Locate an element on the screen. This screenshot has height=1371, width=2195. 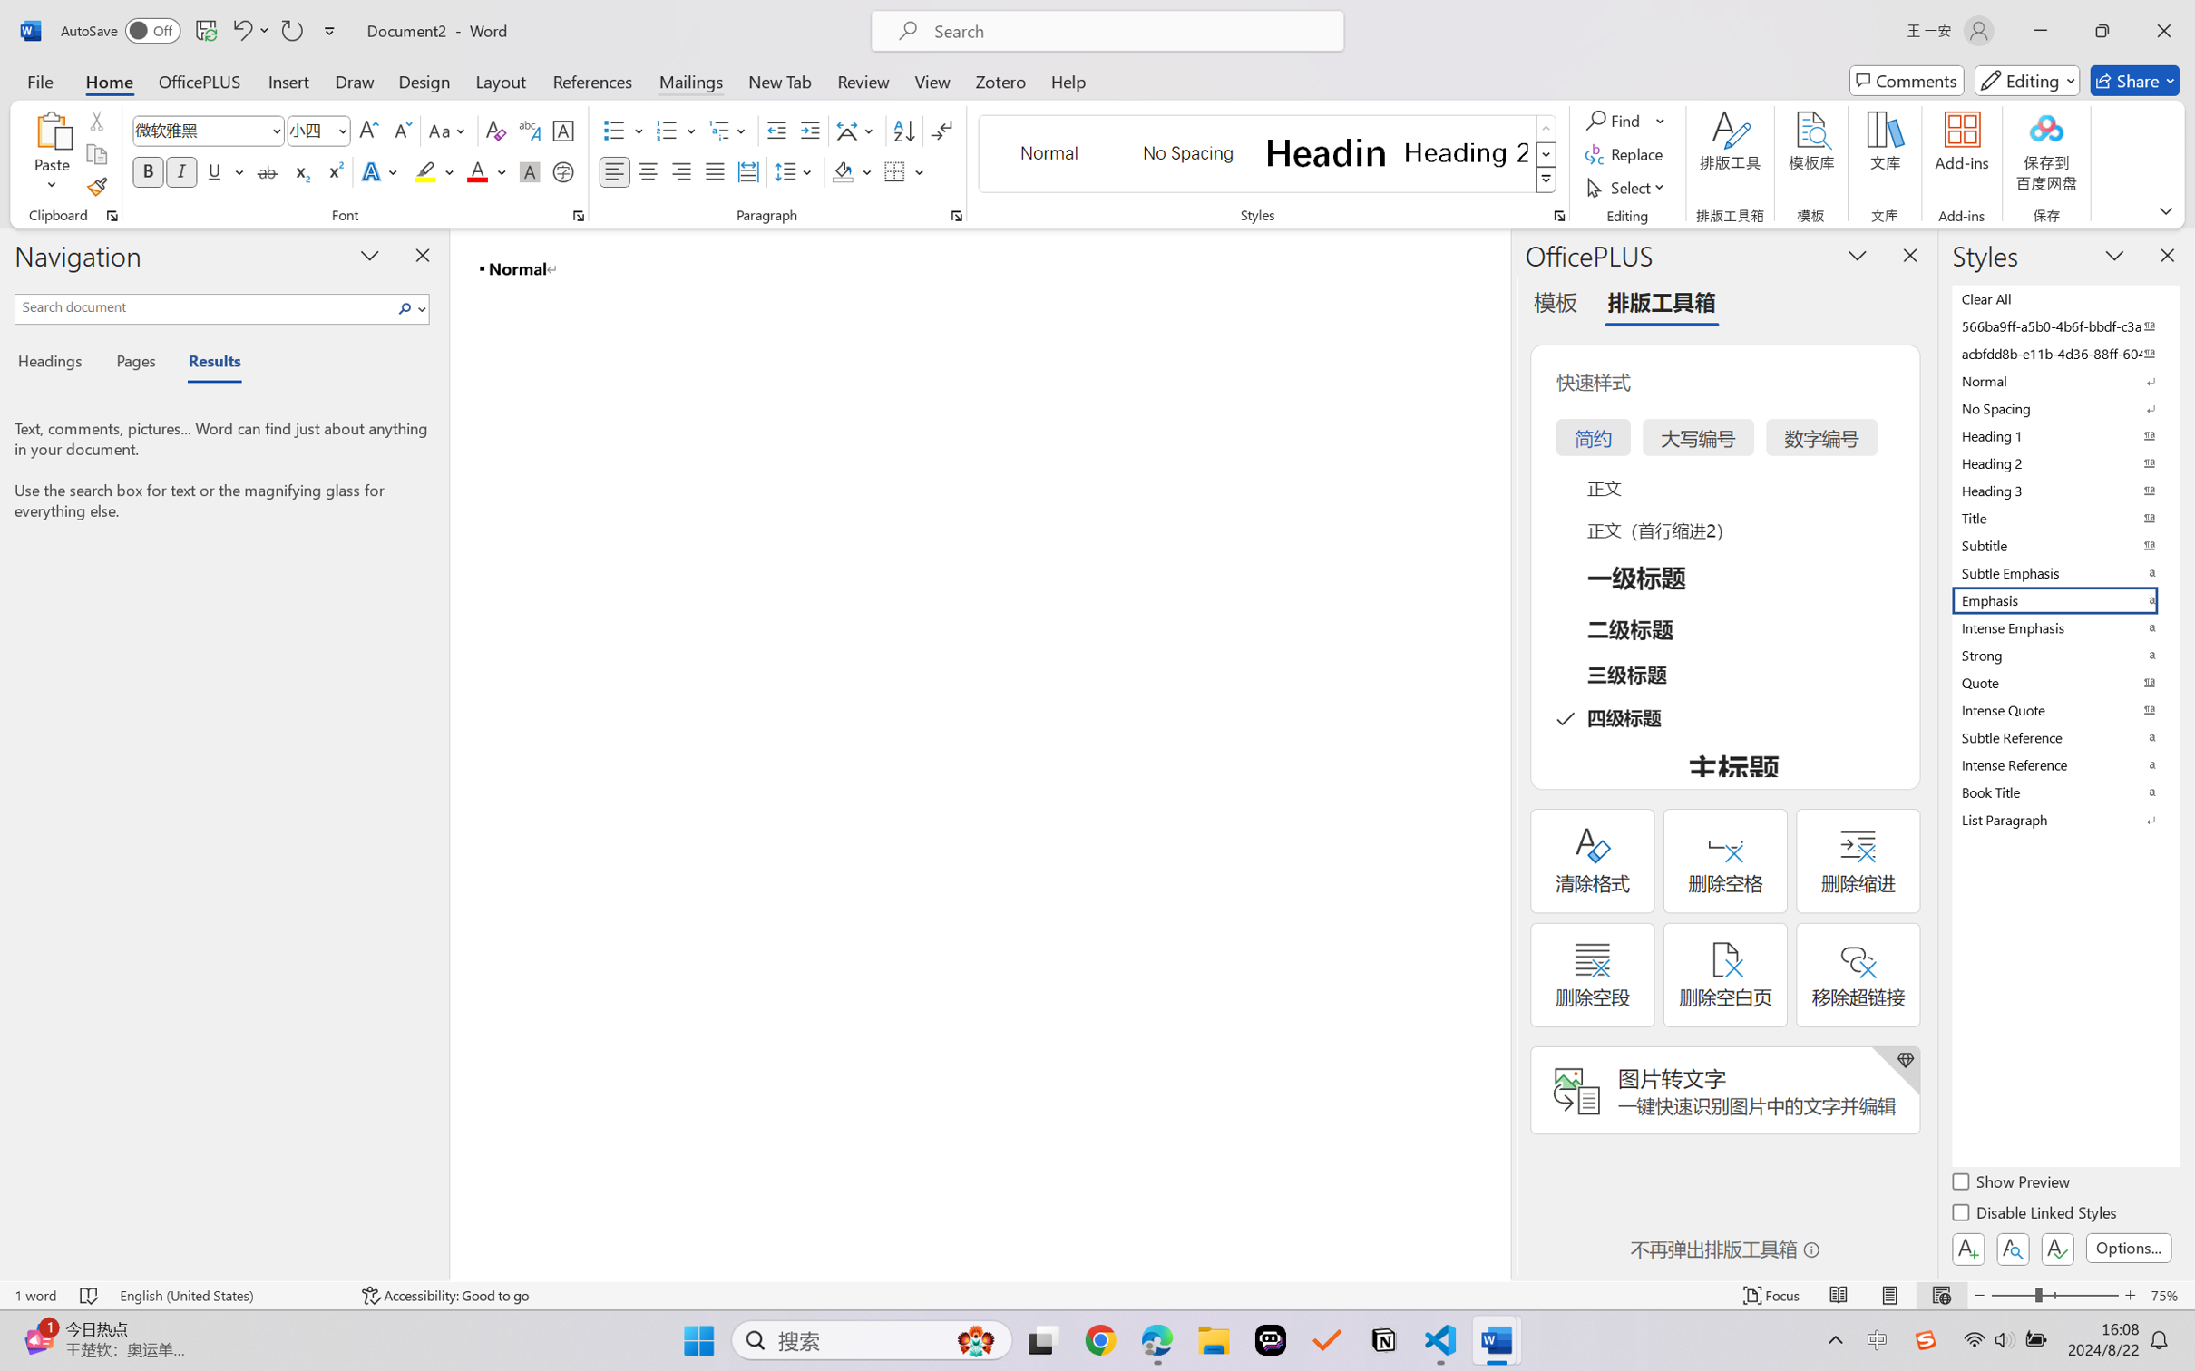
'Book Title' is located at coordinates (2063, 791).